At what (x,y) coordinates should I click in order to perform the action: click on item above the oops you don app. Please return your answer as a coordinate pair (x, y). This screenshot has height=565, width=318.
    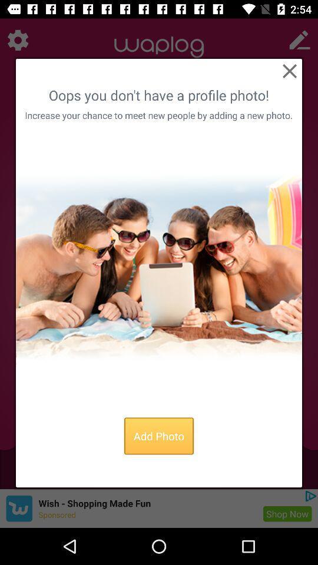
    Looking at the image, I should click on (289, 71).